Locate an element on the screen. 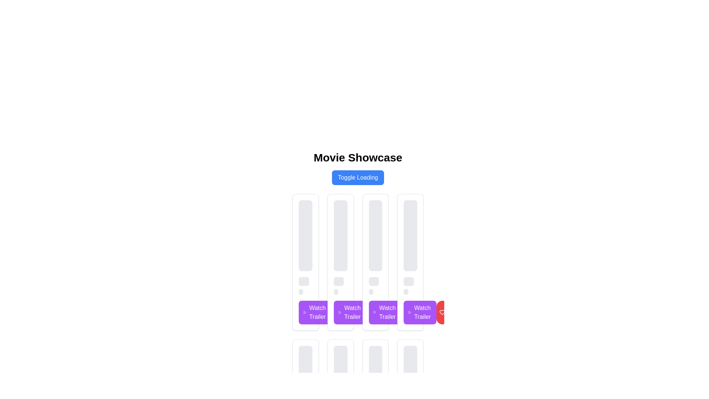  the rounded red button with a white heart icon to like or unlike the item is located at coordinates (442, 312).